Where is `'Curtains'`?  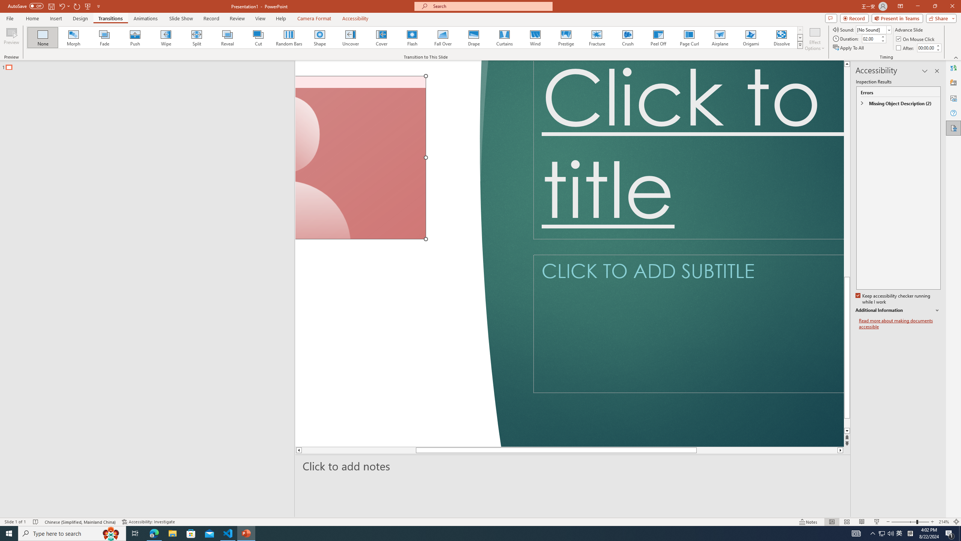 'Curtains' is located at coordinates (505, 37).